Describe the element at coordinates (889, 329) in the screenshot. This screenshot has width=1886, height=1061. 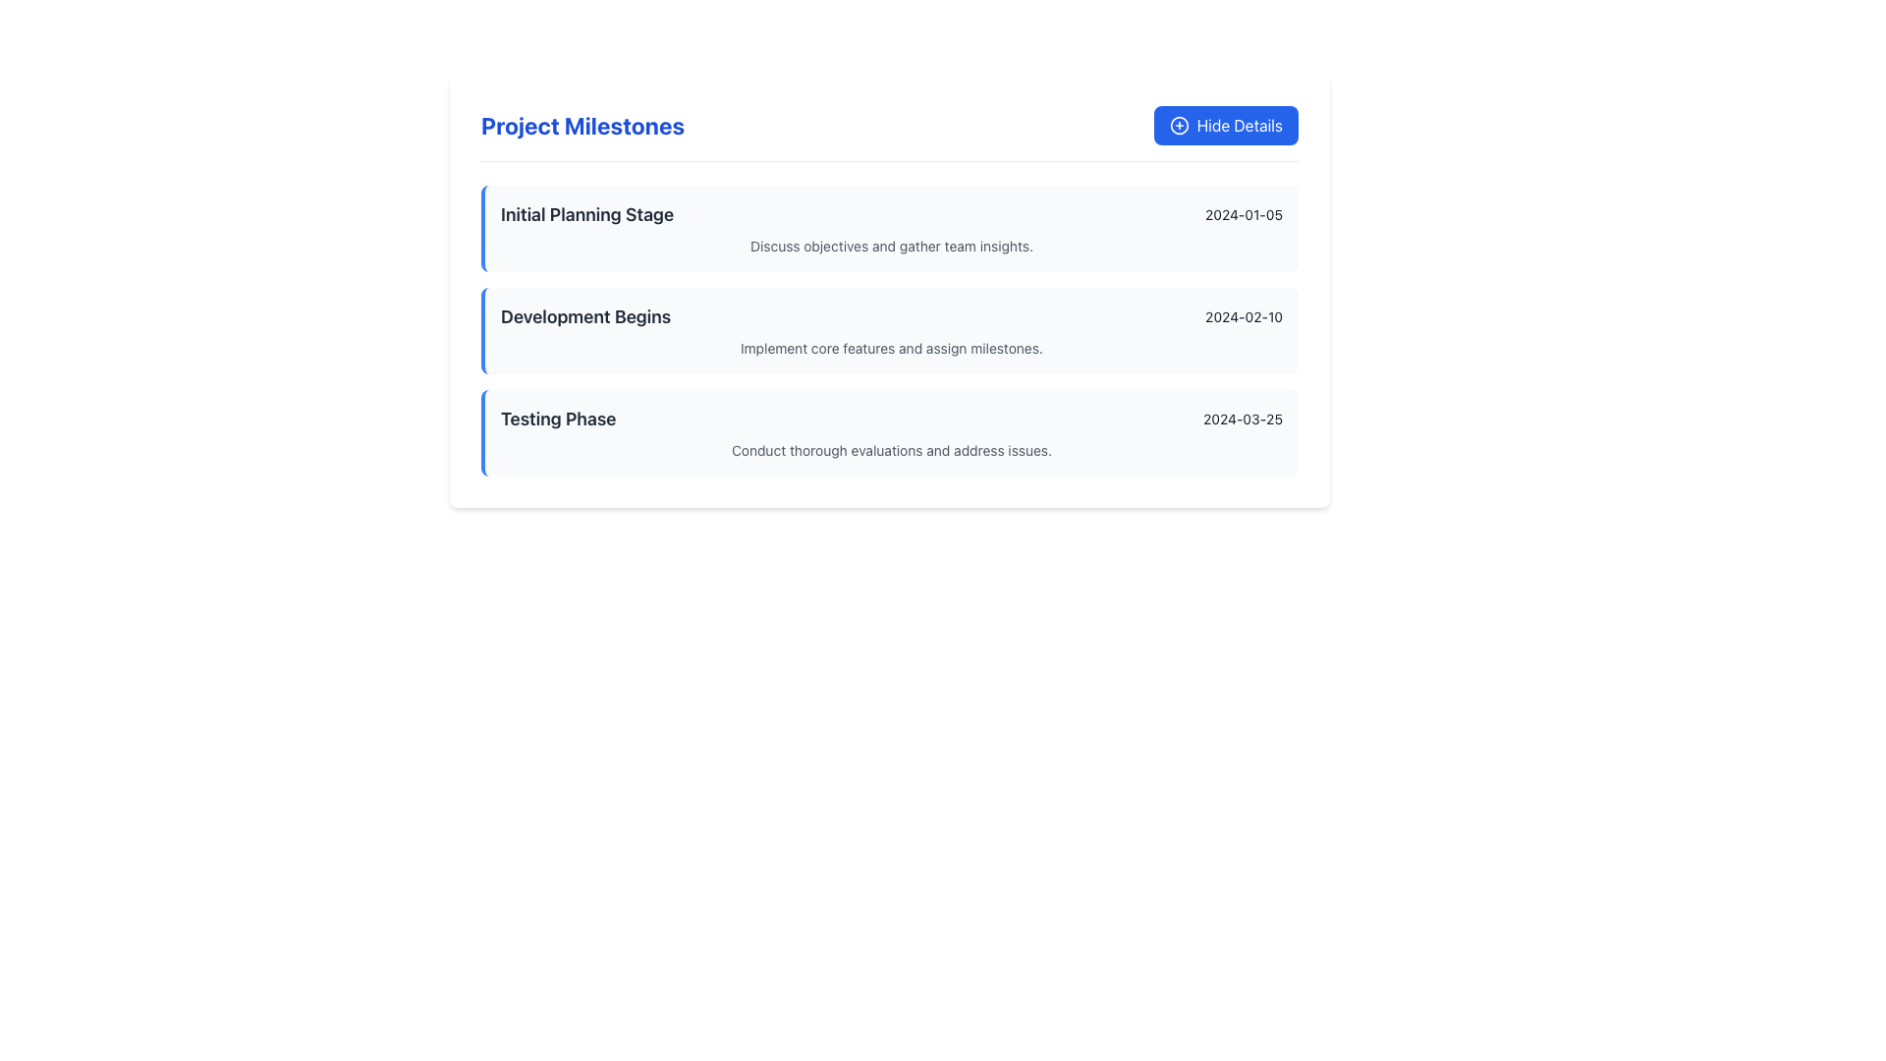
I see `the milestone component titled 'Development Begins' to possibly reveal further details` at that location.